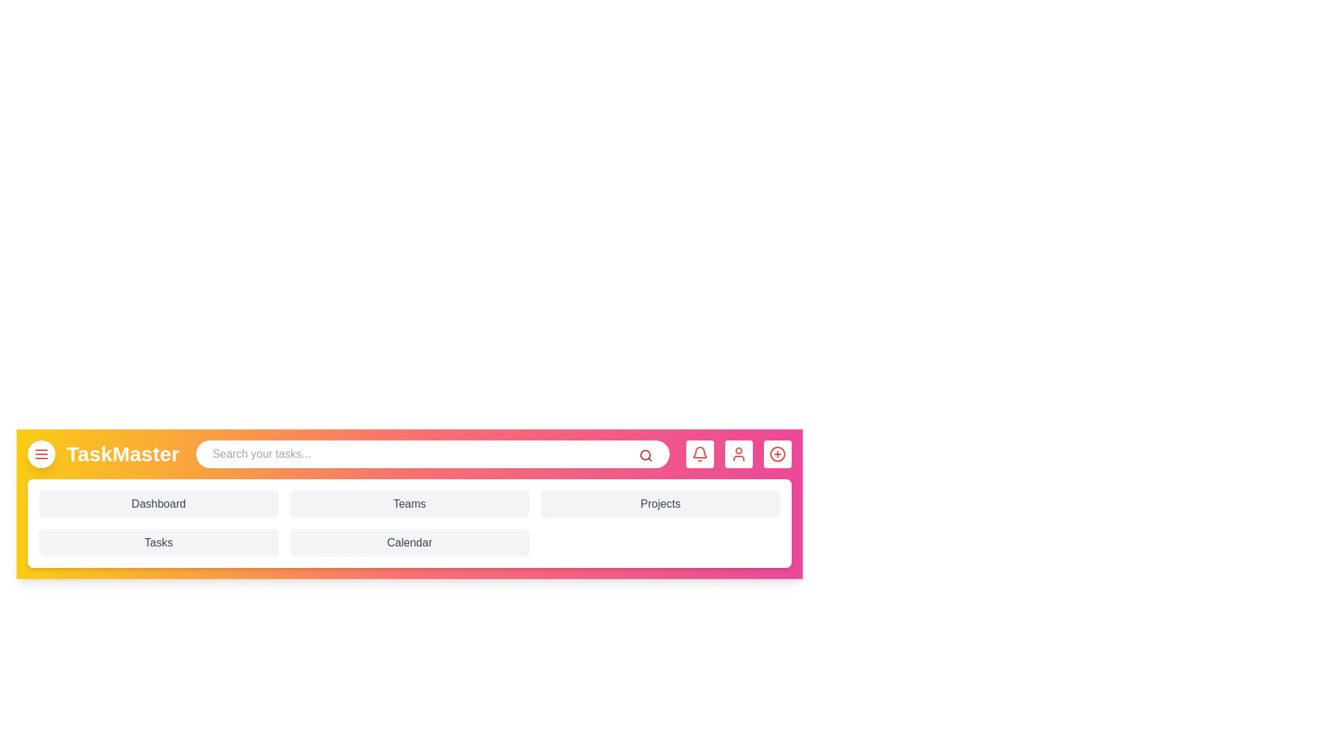 This screenshot has width=1331, height=748. What do you see at coordinates (645, 456) in the screenshot?
I see `search icon to activate the search bar` at bounding box center [645, 456].